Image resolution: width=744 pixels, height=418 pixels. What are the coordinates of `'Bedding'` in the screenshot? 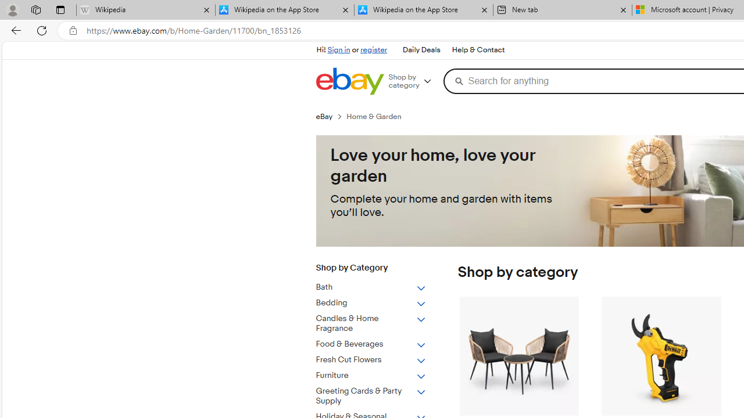 It's located at (370, 302).